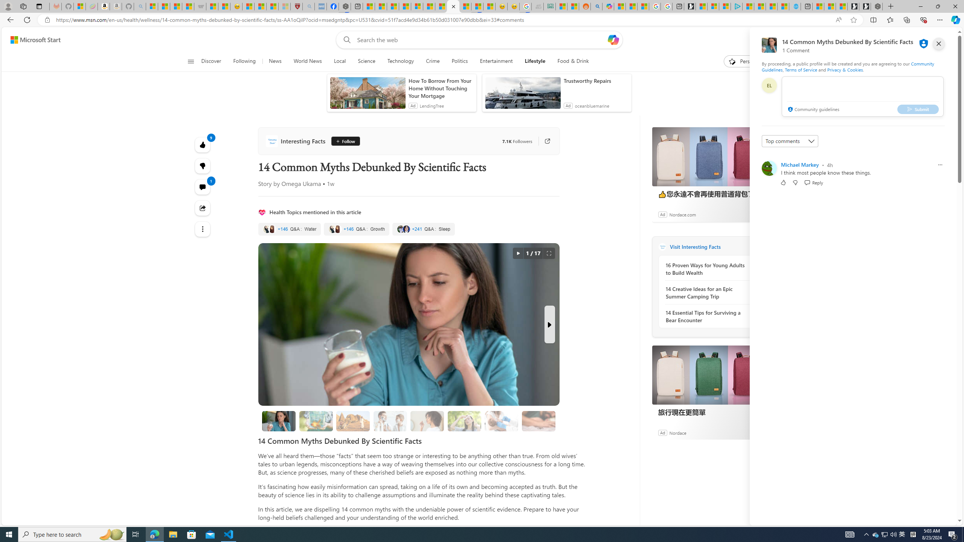 This screenshot has height=542, width=964. I want to click on 'Technology', so click(400, 61).